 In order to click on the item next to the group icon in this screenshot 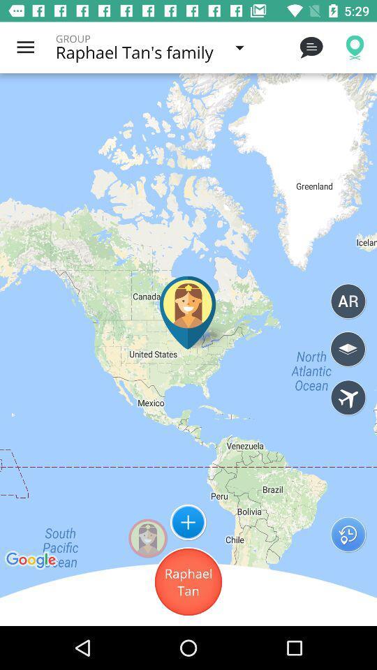, I will do `click(25, 47)`.